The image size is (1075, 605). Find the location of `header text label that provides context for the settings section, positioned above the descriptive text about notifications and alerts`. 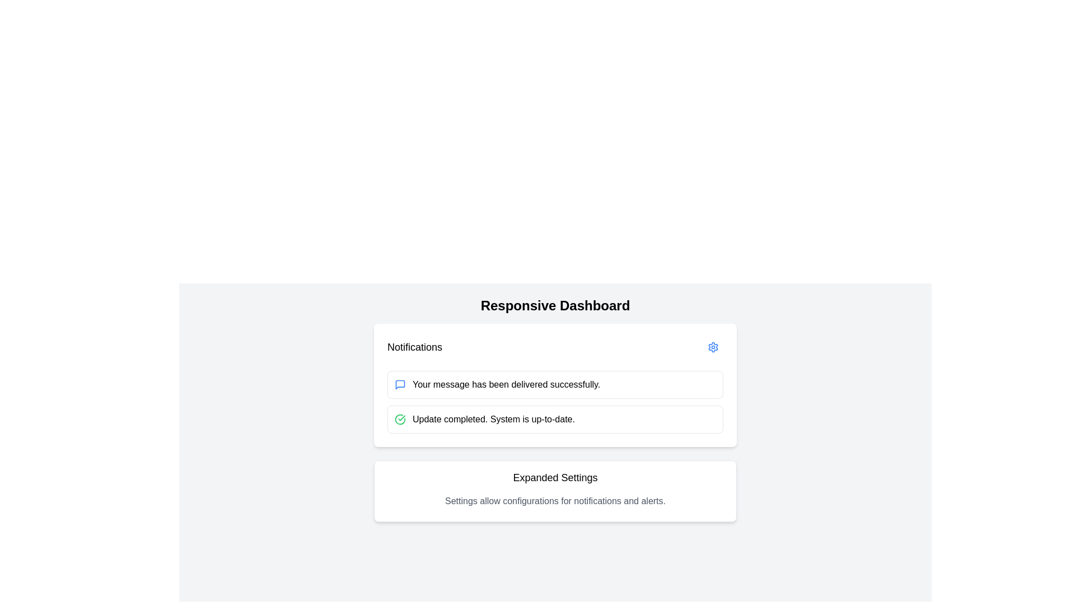

header text label that provides context for the settings section, positioned above the descriptive text about notifications and alerts is located at coordinates (555, 477).